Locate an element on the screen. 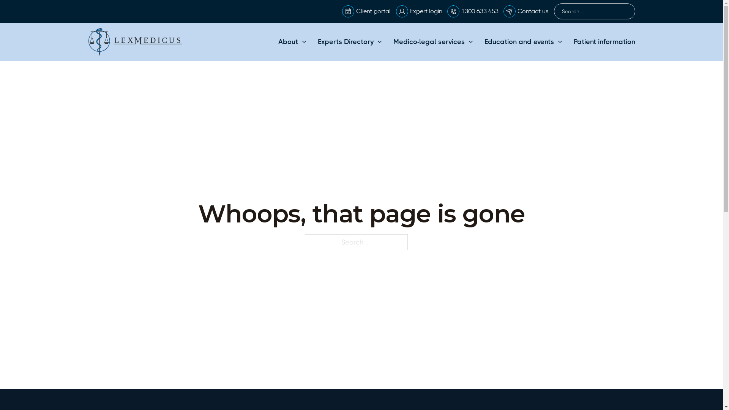  'Client portal' is located at coordinates (373, 11).